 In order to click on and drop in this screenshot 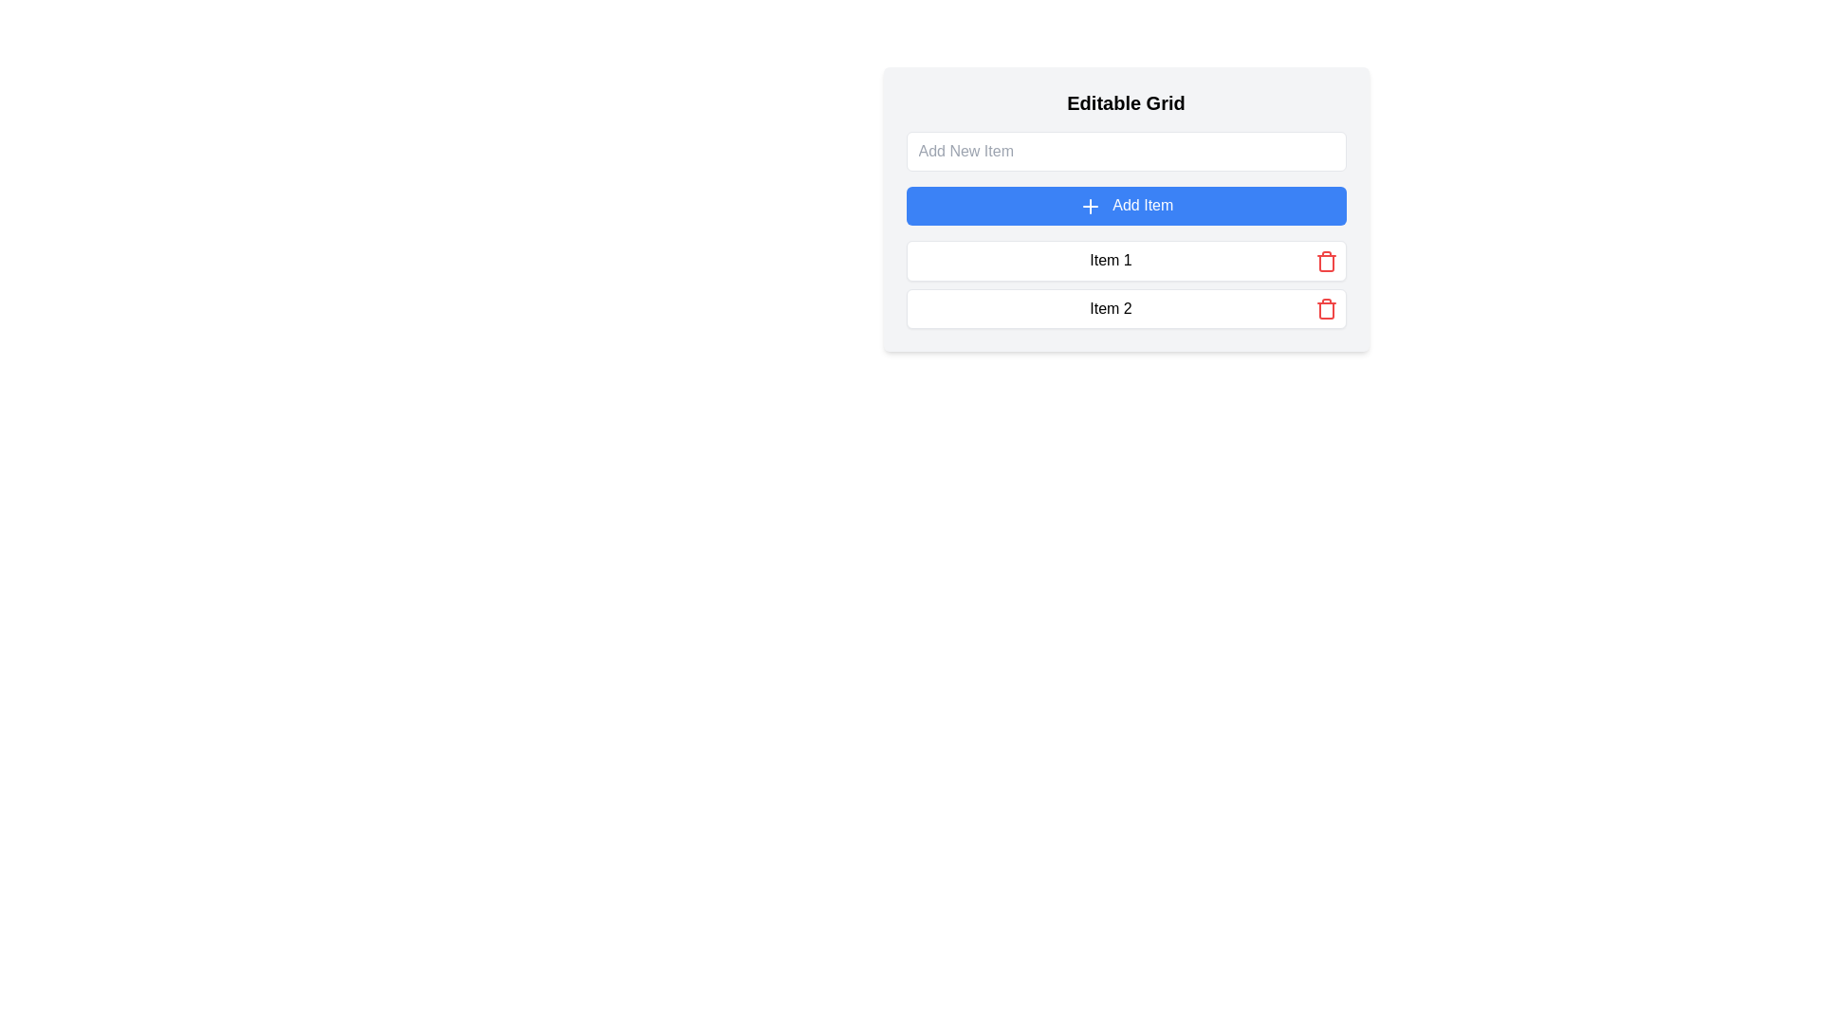, I will do `click(1126, 284)`.